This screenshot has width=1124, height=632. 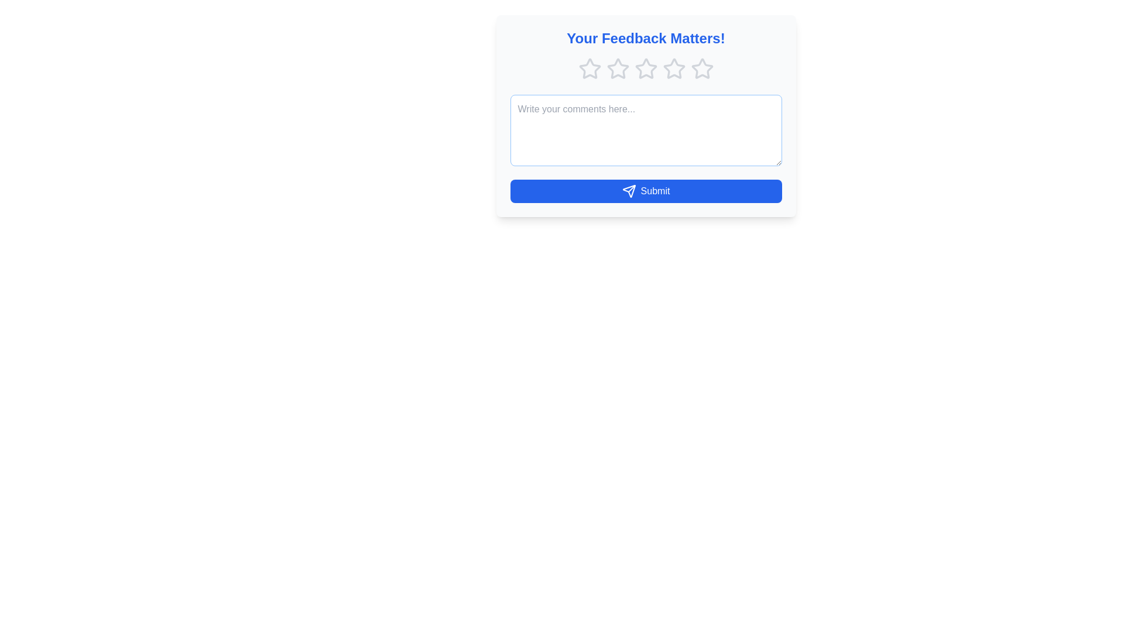 I want to click on the 'Submit' button's icon by navigating via keyboard to enhance user interaction for submitting feedback, so click(x=628, y=191).